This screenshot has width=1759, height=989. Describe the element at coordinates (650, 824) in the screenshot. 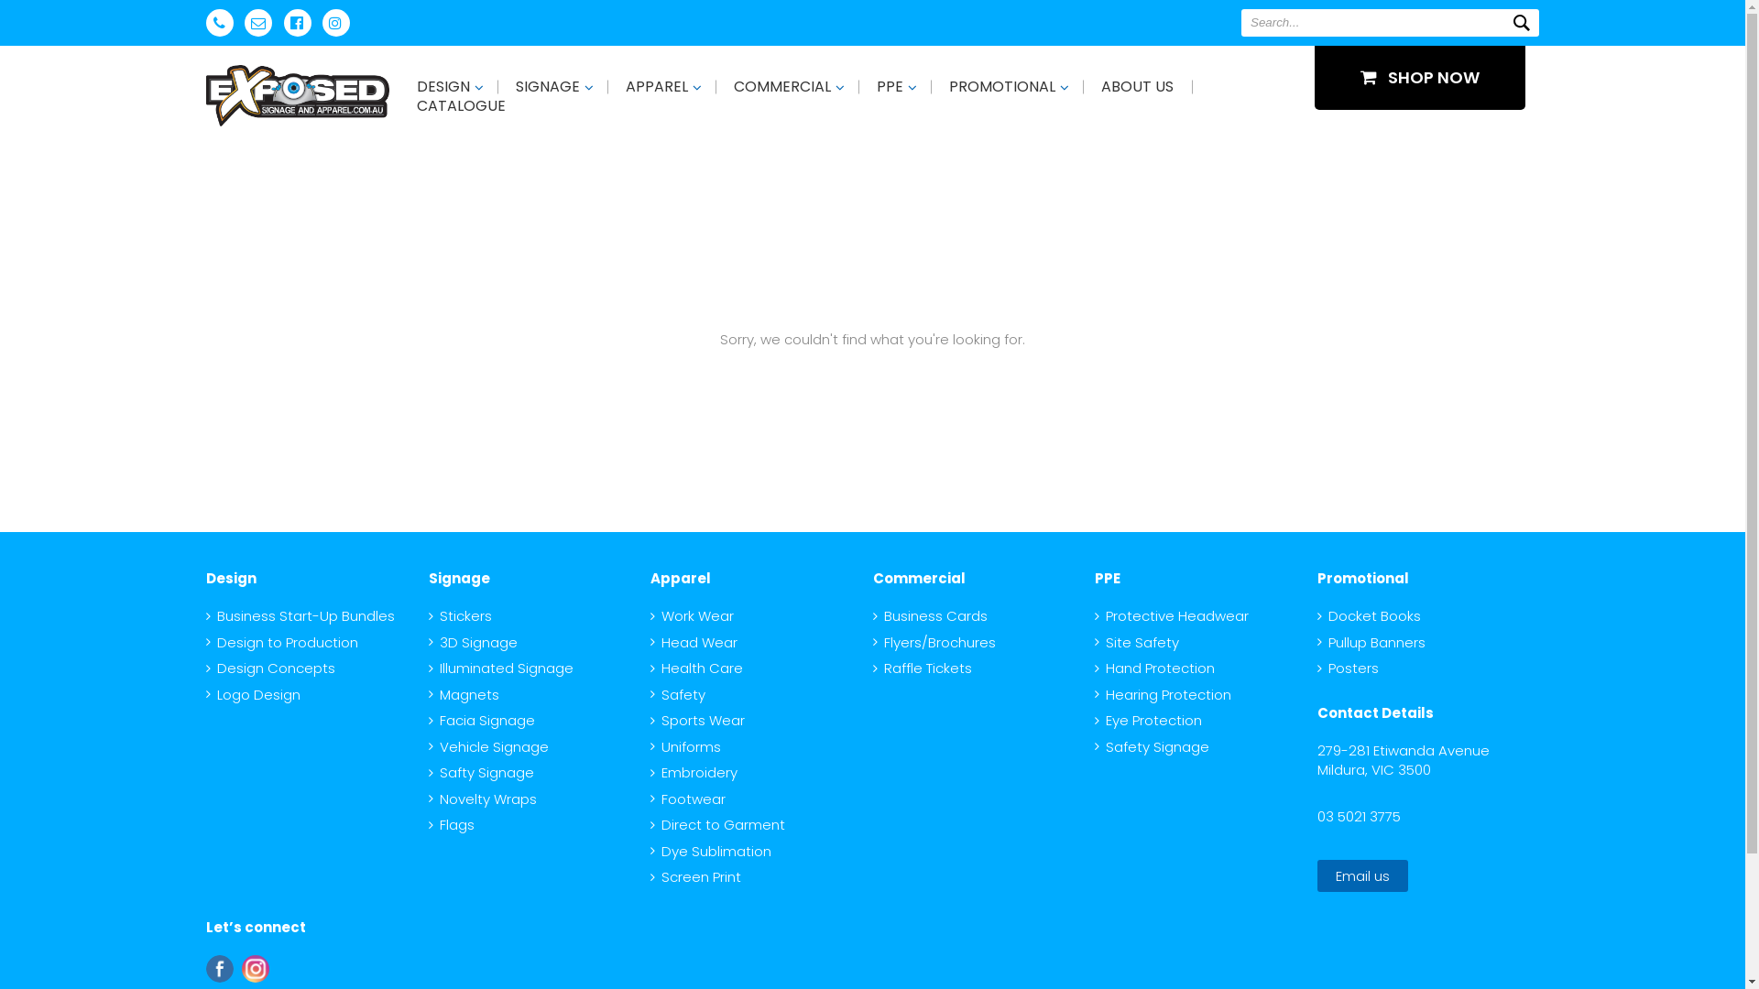

I see `'Direct to Garment'` at that location.